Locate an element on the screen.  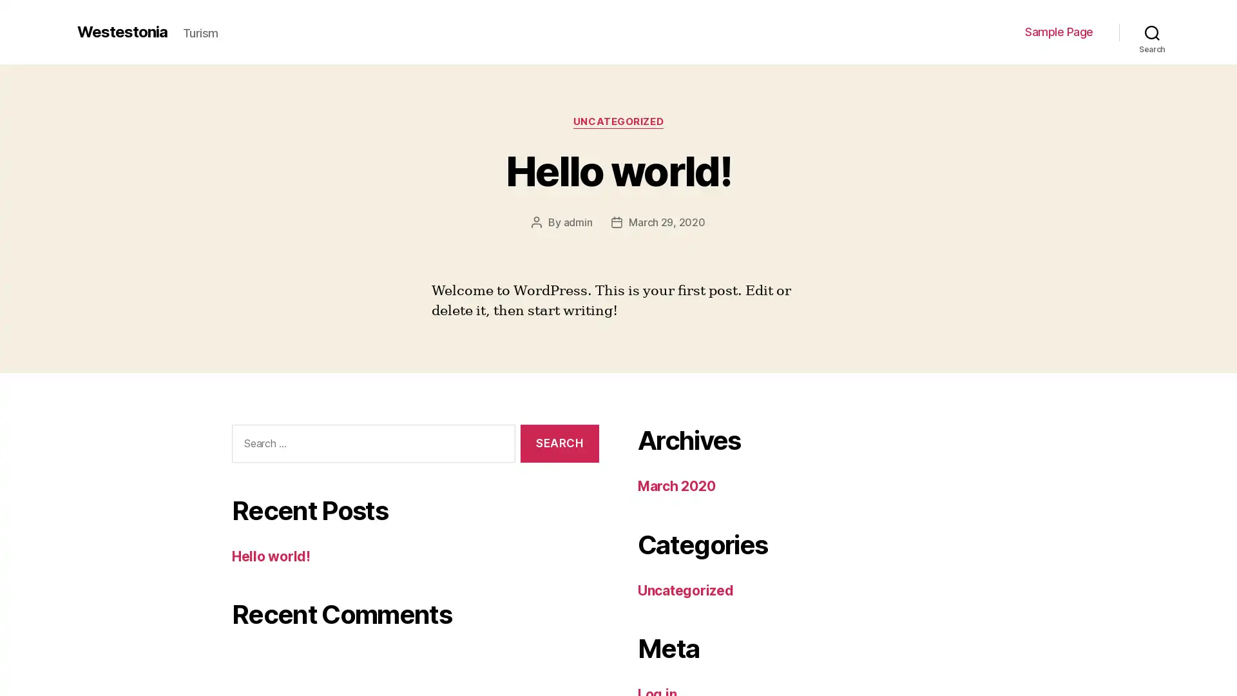
Search is located at coordinates (1152, 32).